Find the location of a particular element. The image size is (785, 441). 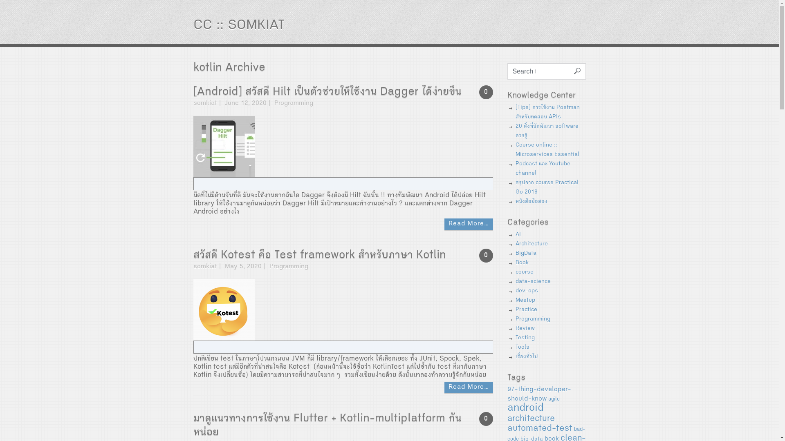

'0' is located at coordinates (486, 255).